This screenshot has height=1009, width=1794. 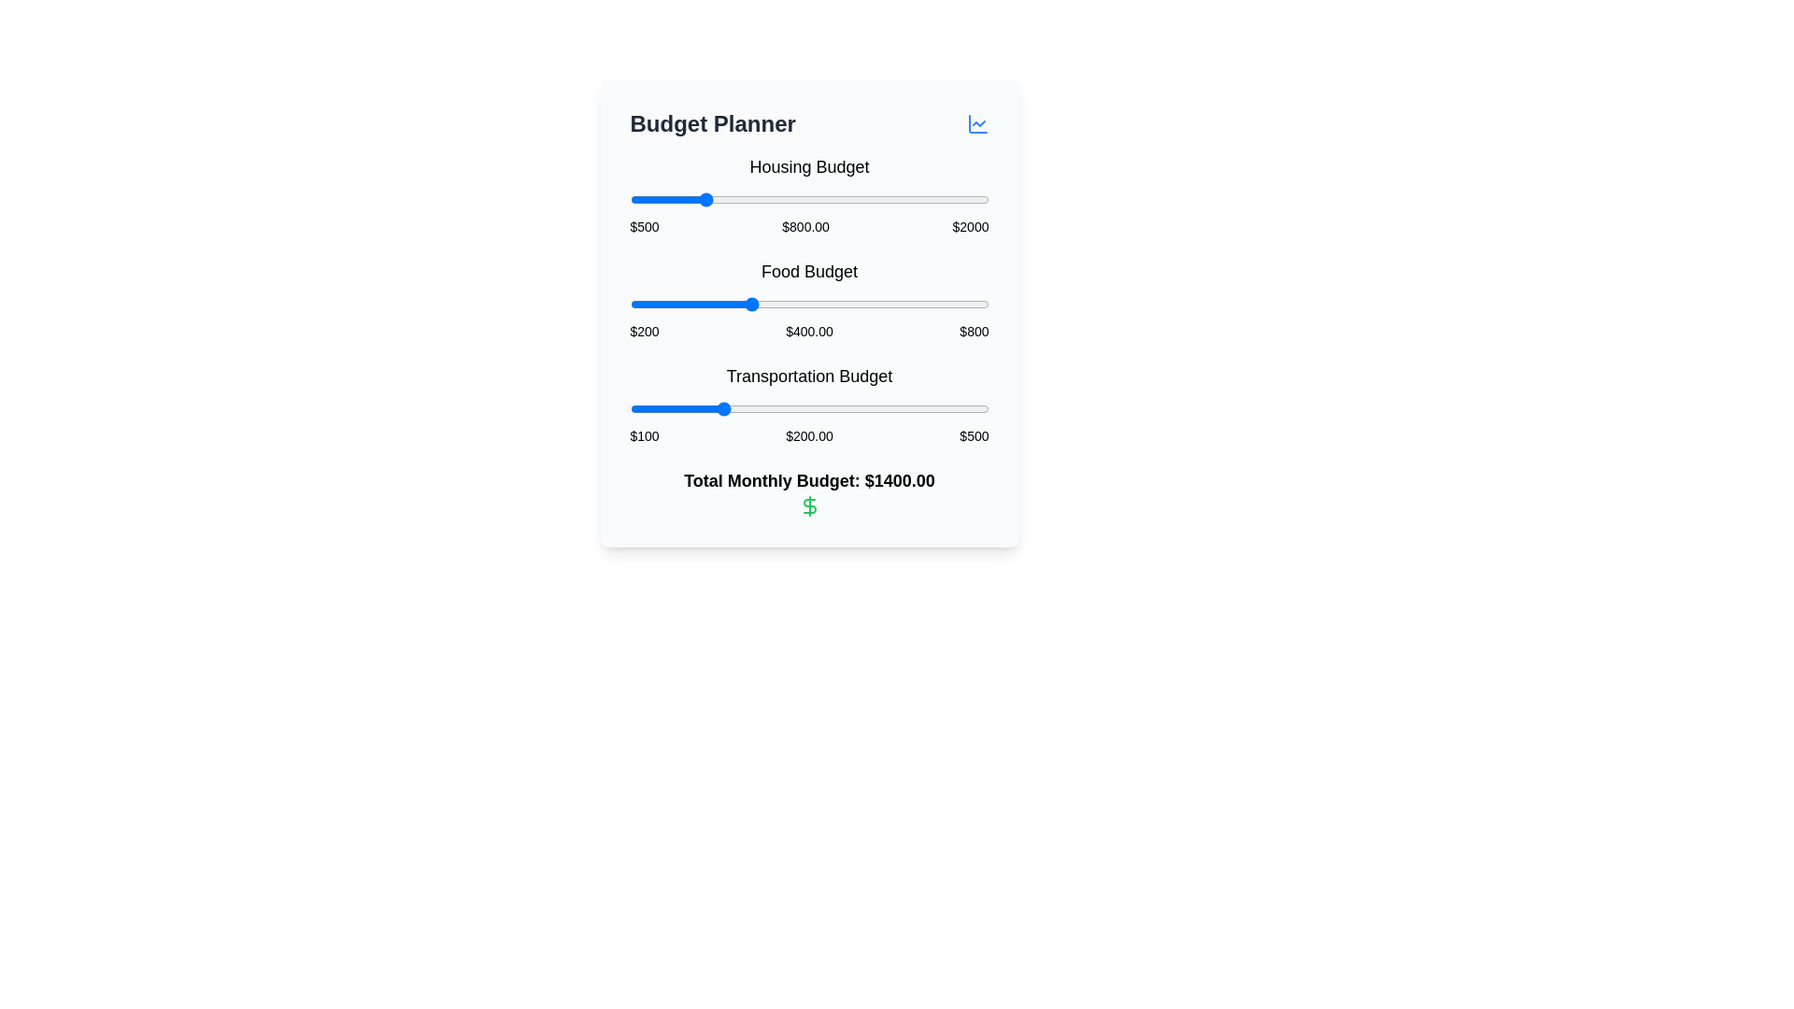 What do you see at coordinates (809, 435) in the screenshot?
I see `the static text label that displays the current value of the Transportation Budget slider, positioned between '$100' and '$500'` at bounding box center [809, 435].